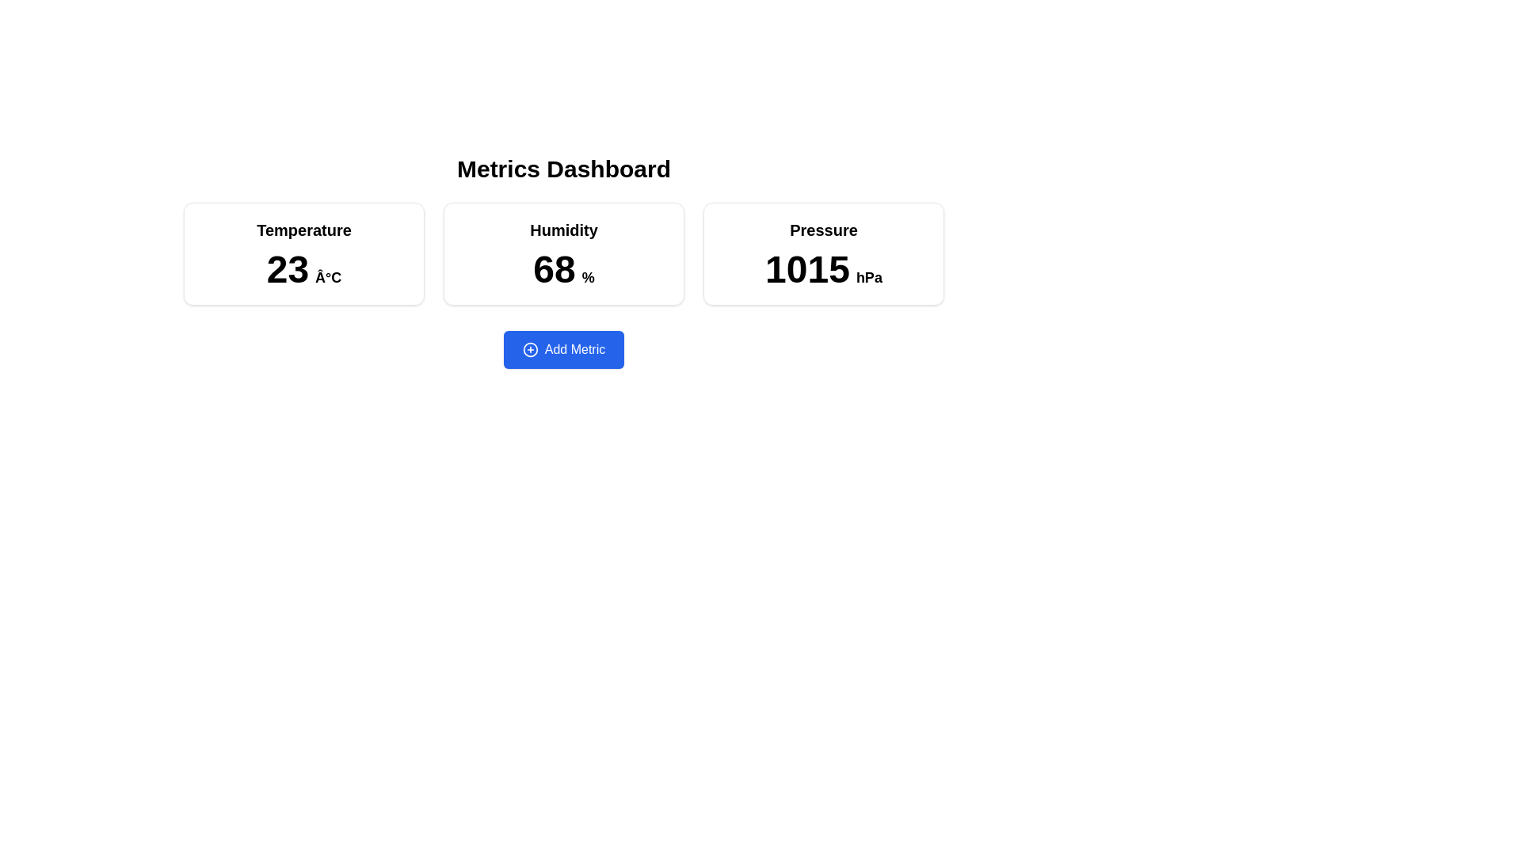 The width and height of the screenshot is (1521, 855). What do you see at coordinates (530, 349) in the screenshot?
I see `the icon that reinforces the meaning of the 'Add Metric' button, located to the left side of the button text` at bounding box center [530, 349].